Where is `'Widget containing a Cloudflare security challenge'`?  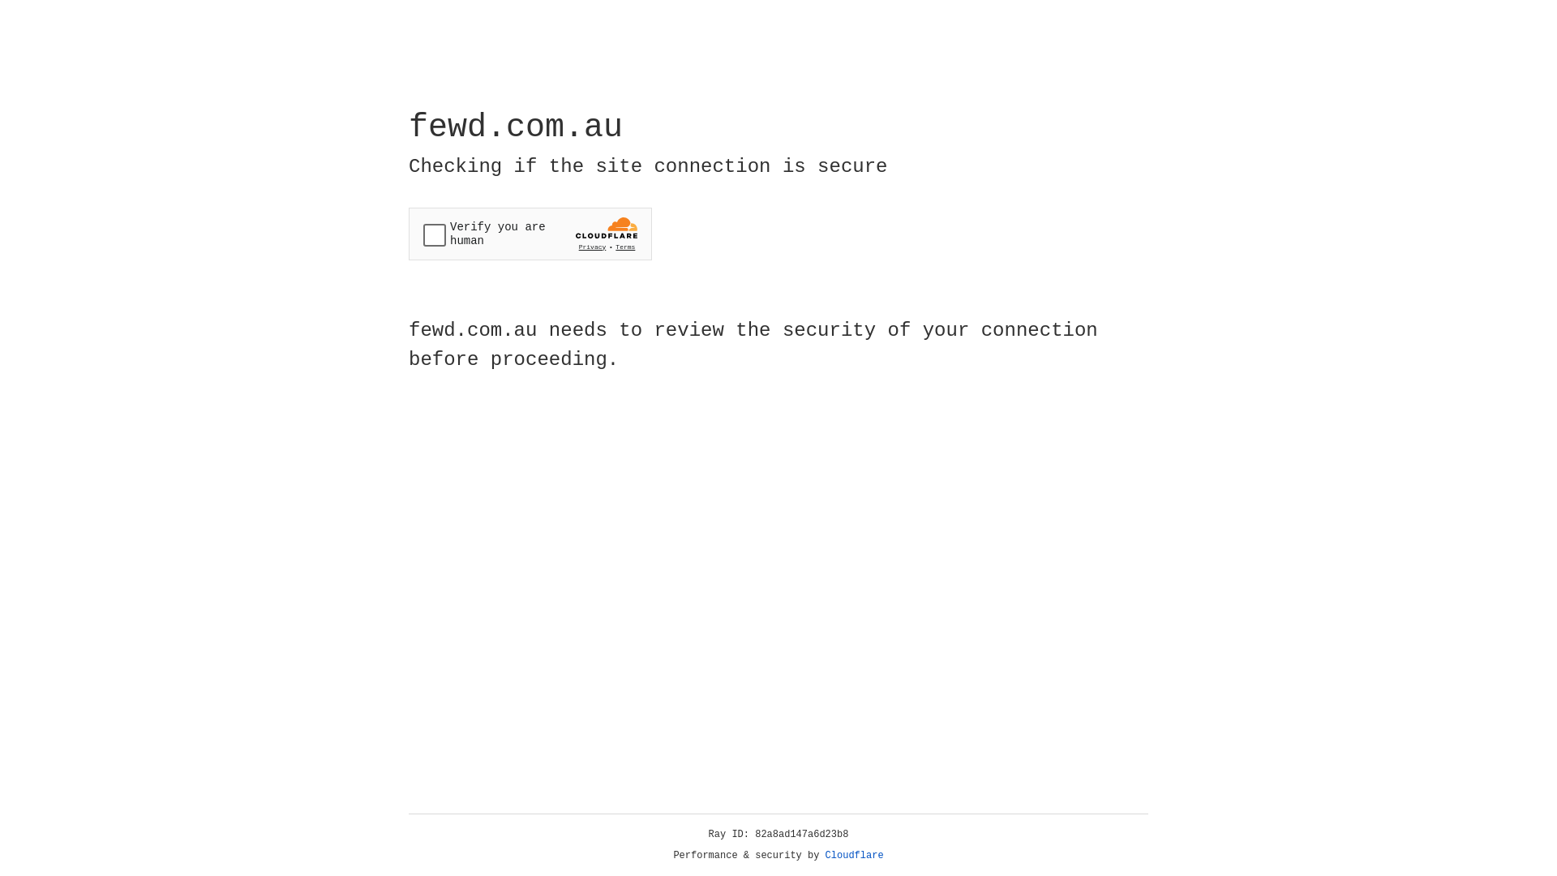
'Widget containing a Cloudflare security challenge' is located at coordinates (530, 234).